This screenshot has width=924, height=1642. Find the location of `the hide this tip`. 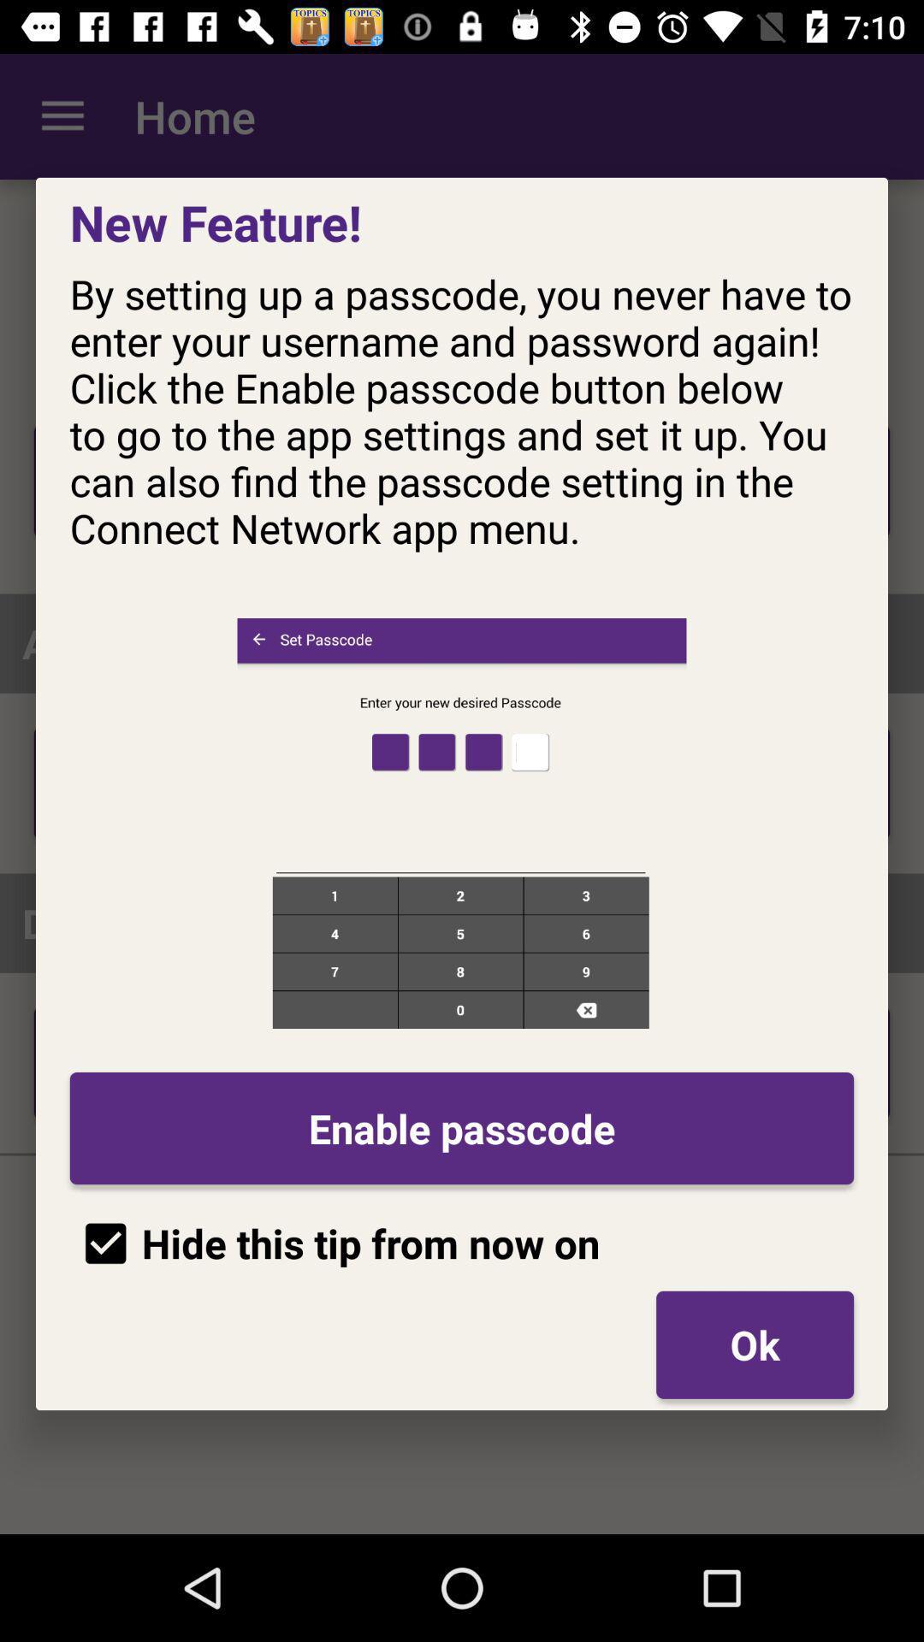

the hide this tip is located at coordinates (335, 1243).